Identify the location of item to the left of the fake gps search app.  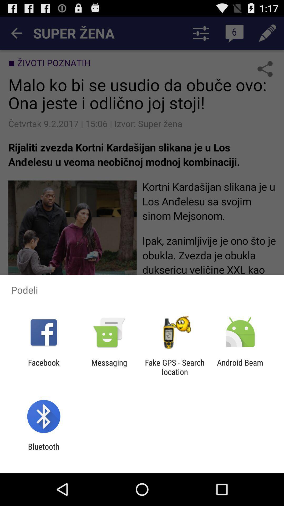
(109, 367).